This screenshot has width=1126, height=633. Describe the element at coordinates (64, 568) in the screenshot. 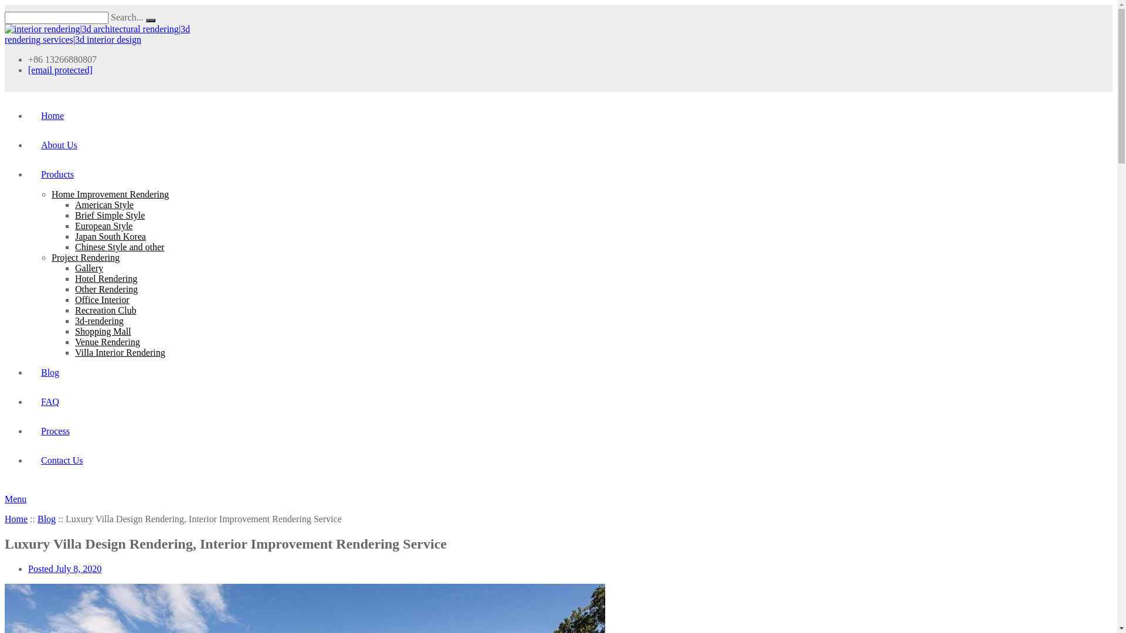

I see `'Posted July 8, 2020'` at that location.